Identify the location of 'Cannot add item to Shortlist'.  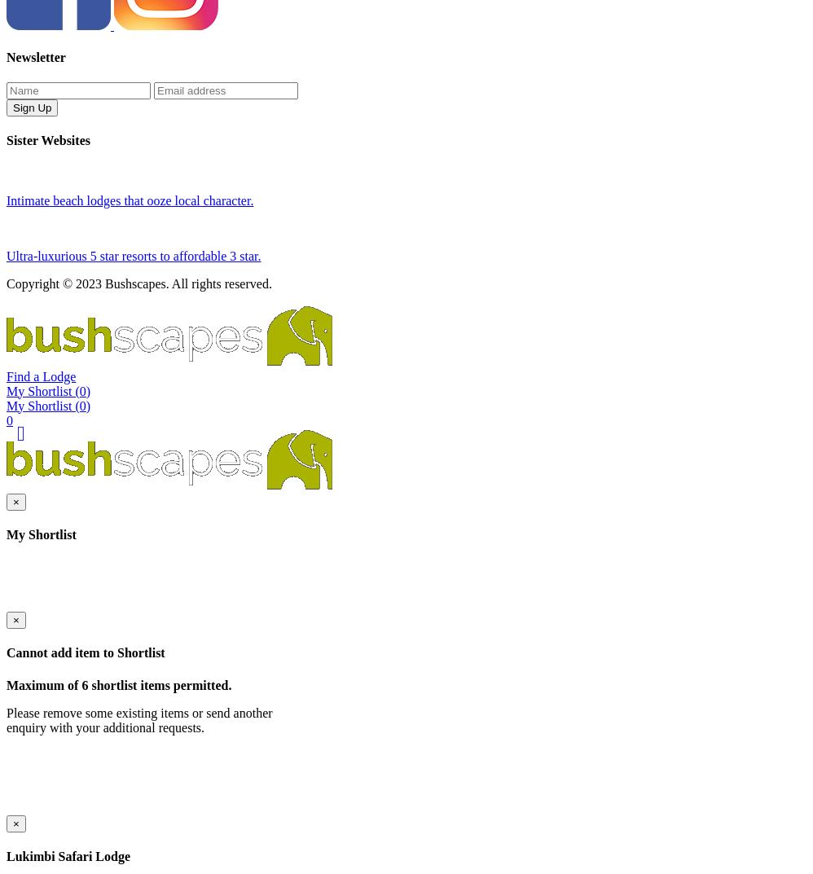
(85, 761).